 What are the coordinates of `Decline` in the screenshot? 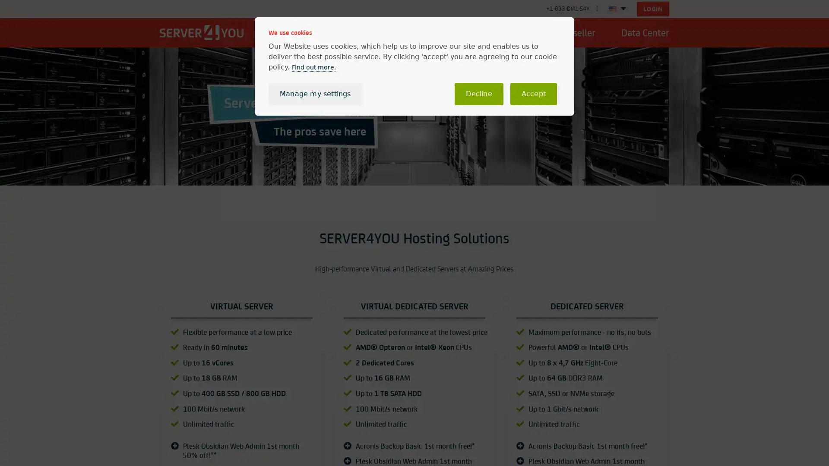 It's located at (478, 94).